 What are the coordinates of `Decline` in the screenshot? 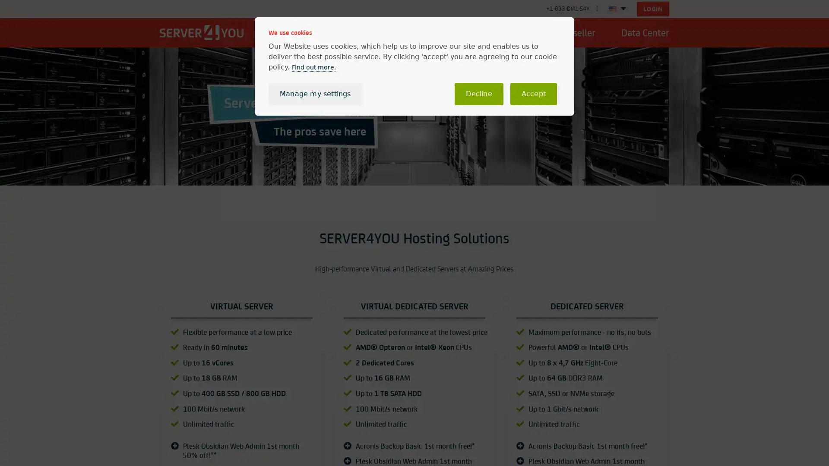 It's located at (478, 94).